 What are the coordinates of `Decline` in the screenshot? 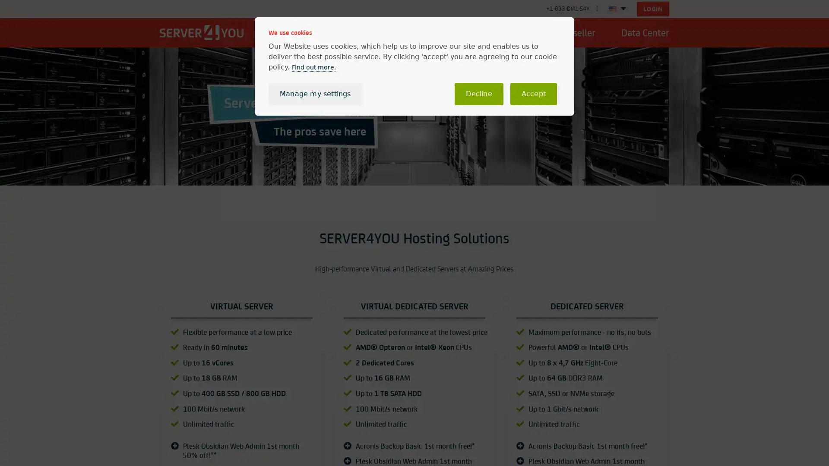 It's located at (478, 94).